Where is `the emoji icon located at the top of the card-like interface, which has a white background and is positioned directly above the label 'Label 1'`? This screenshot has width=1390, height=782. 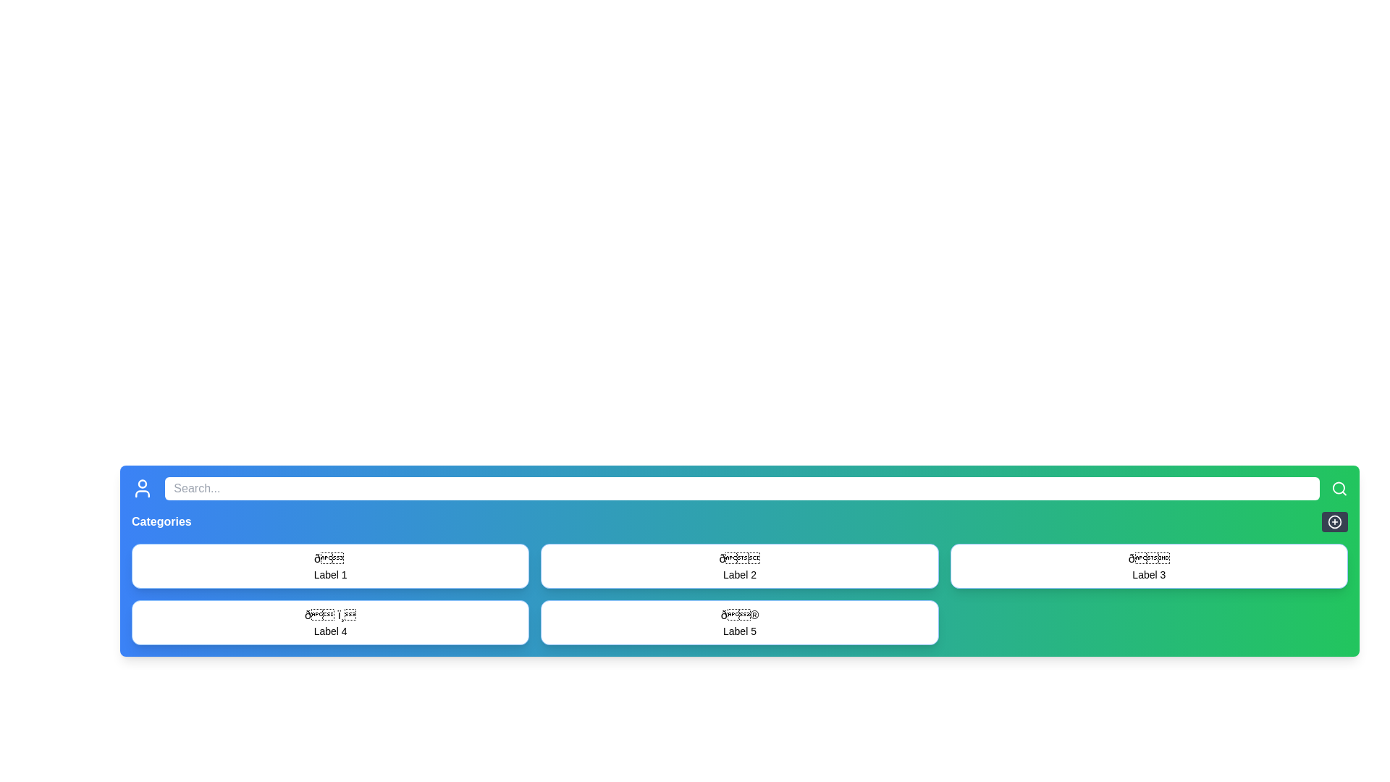 the emoji icon located at the top of the card-like interface, which has a white background and is positioned directly above the label 'Label 1' is located at coordinates (329, 558).